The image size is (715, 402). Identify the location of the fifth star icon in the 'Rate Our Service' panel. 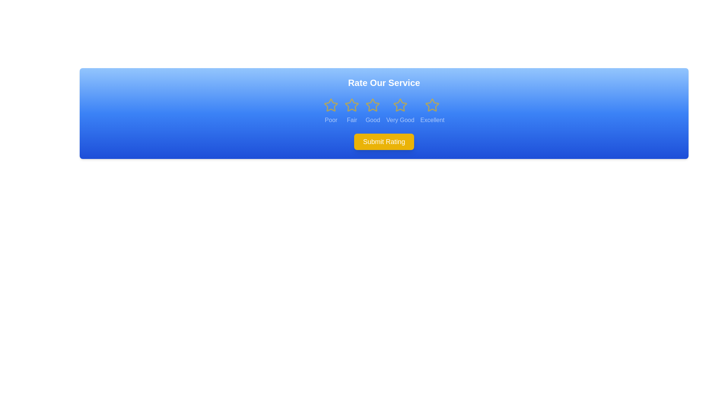
(432, 105).